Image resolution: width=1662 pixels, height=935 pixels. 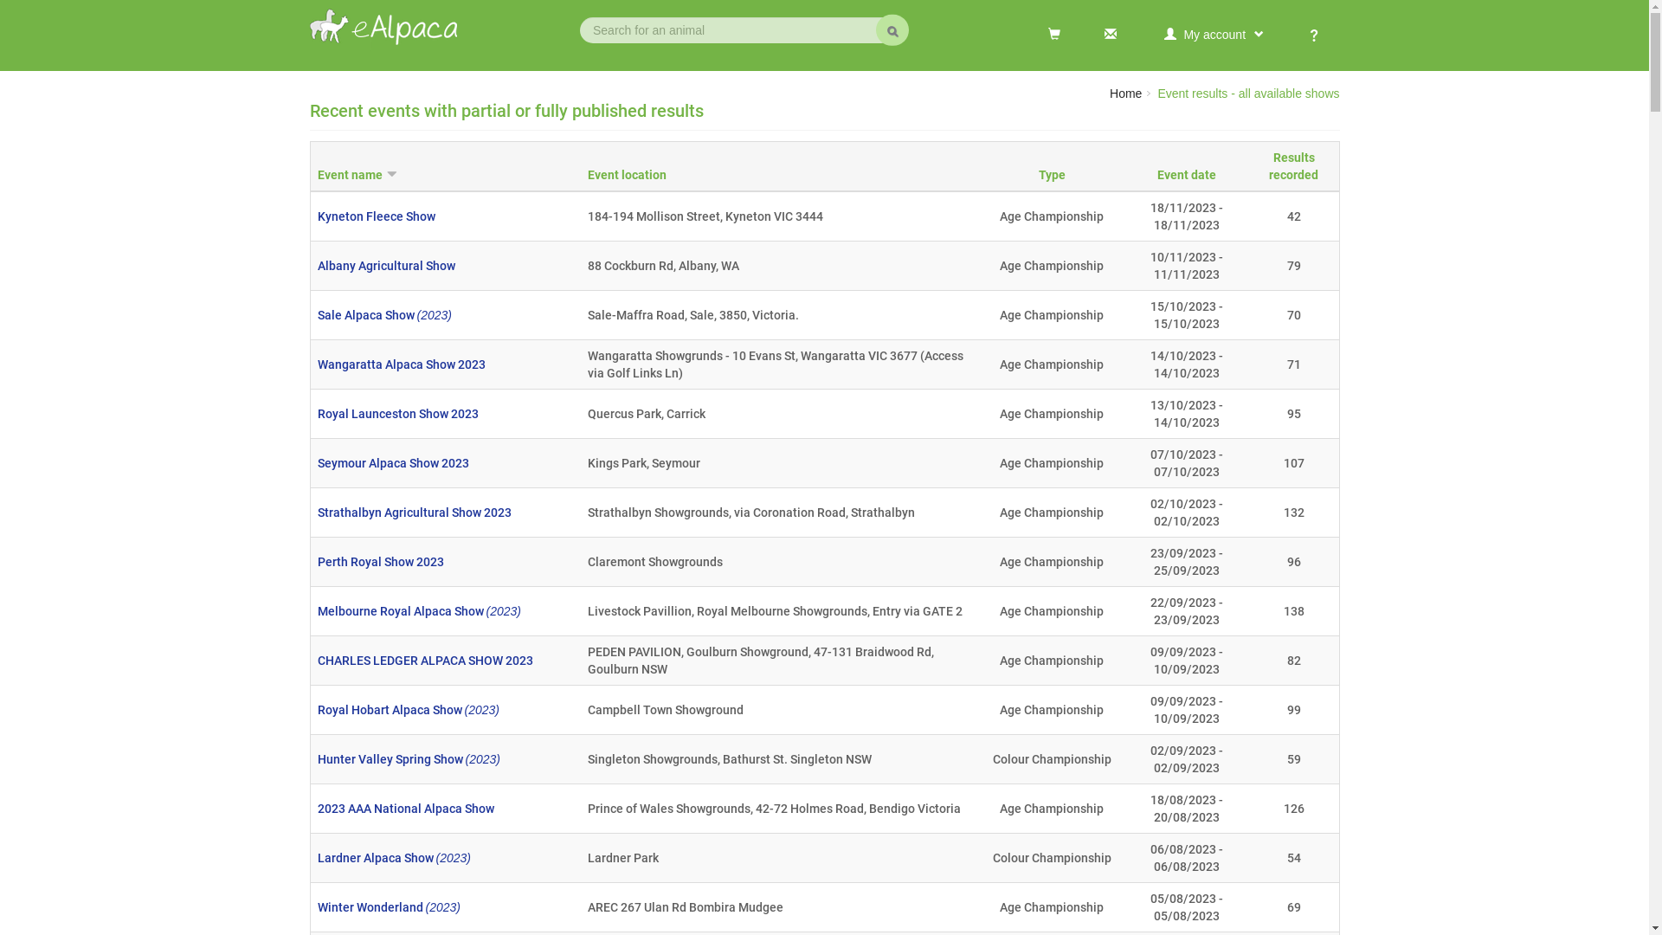 What do you see at coordinates (418, 609) in the screenshot?
I see `'Melbourne Royal Alpaca Show (2023)'` at bounding box center [418, 609].